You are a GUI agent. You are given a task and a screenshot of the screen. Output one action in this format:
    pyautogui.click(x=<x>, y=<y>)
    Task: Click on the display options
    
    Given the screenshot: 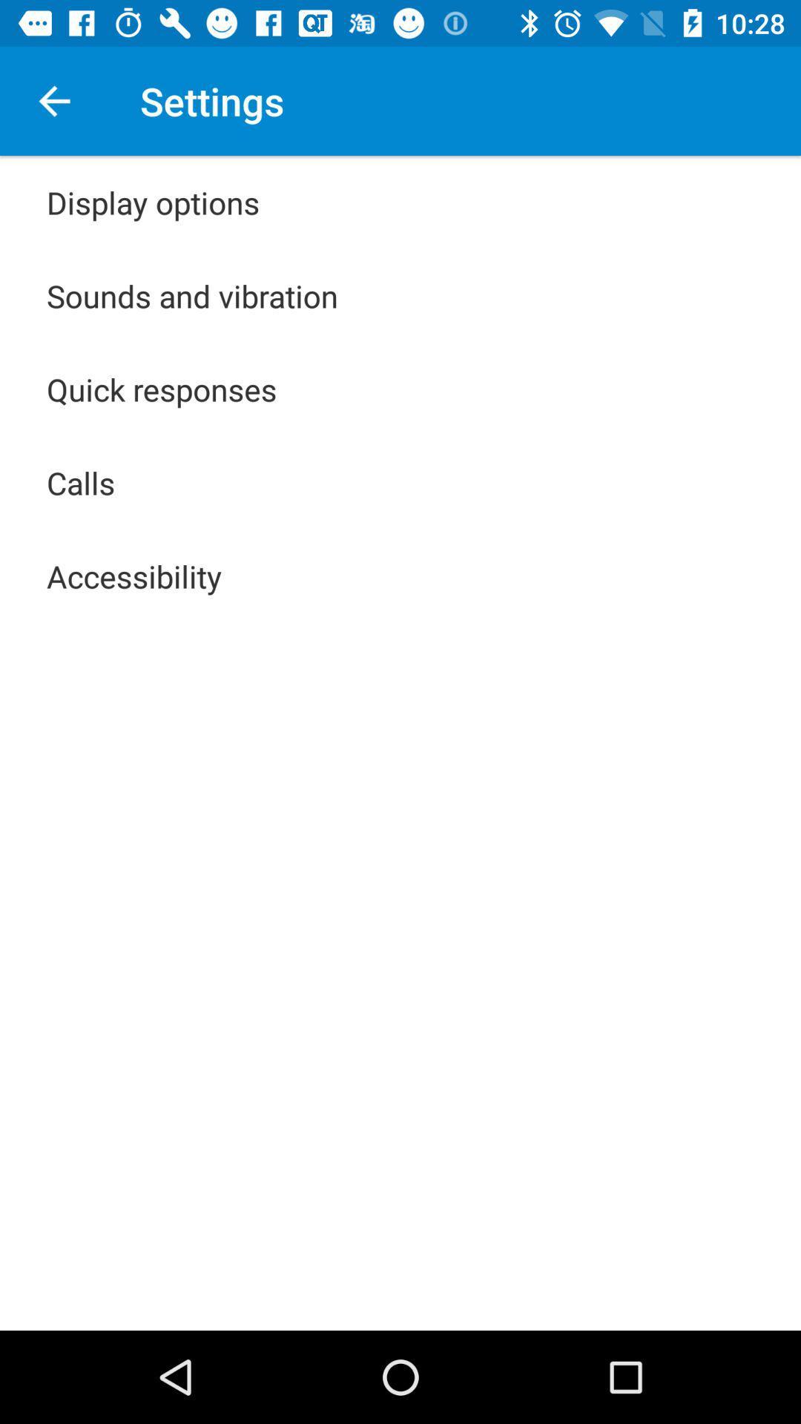 What is the action you would take?
    pyautogui.click(x=153, y=202)
    